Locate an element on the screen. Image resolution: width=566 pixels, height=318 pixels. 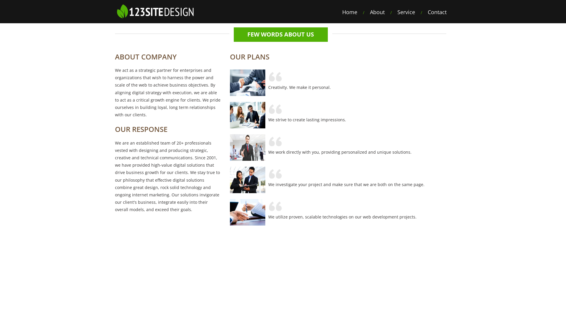
'Home' is located at coordinates (350, 12).